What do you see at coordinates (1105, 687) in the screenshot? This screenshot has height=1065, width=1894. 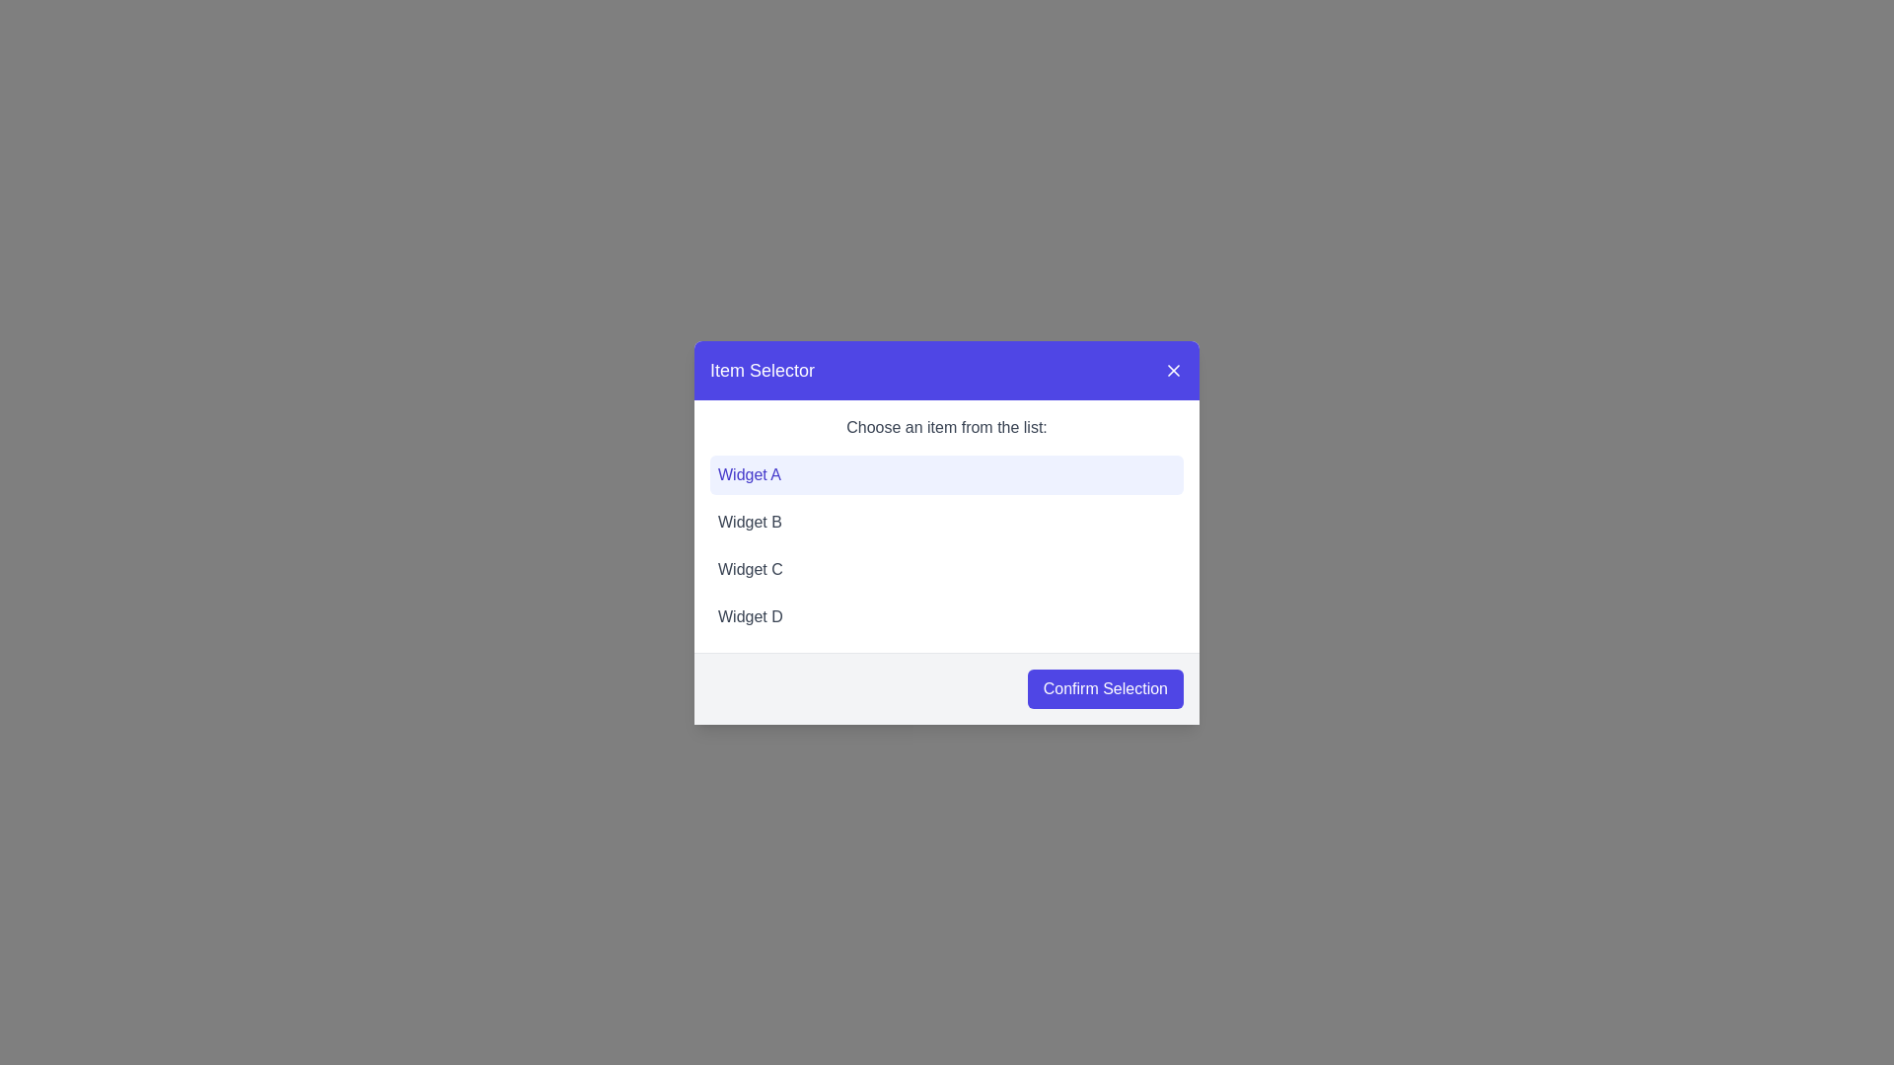 I see `the 'Confirm Selection' button with rounded corners and an indigo background` at bounding box center [1105, 687].